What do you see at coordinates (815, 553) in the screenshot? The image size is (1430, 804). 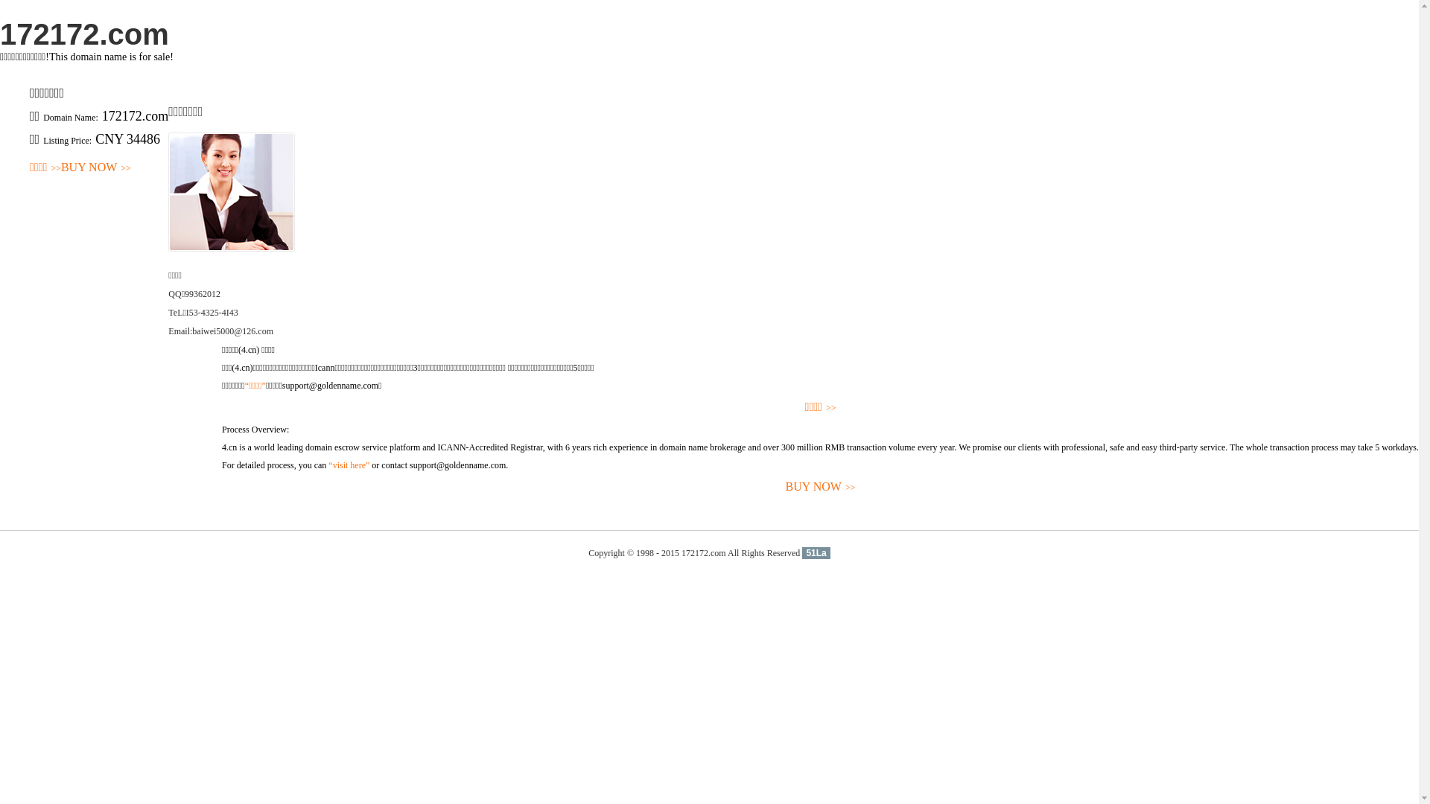 I see `'51La'` at bounding box center [815, 553].